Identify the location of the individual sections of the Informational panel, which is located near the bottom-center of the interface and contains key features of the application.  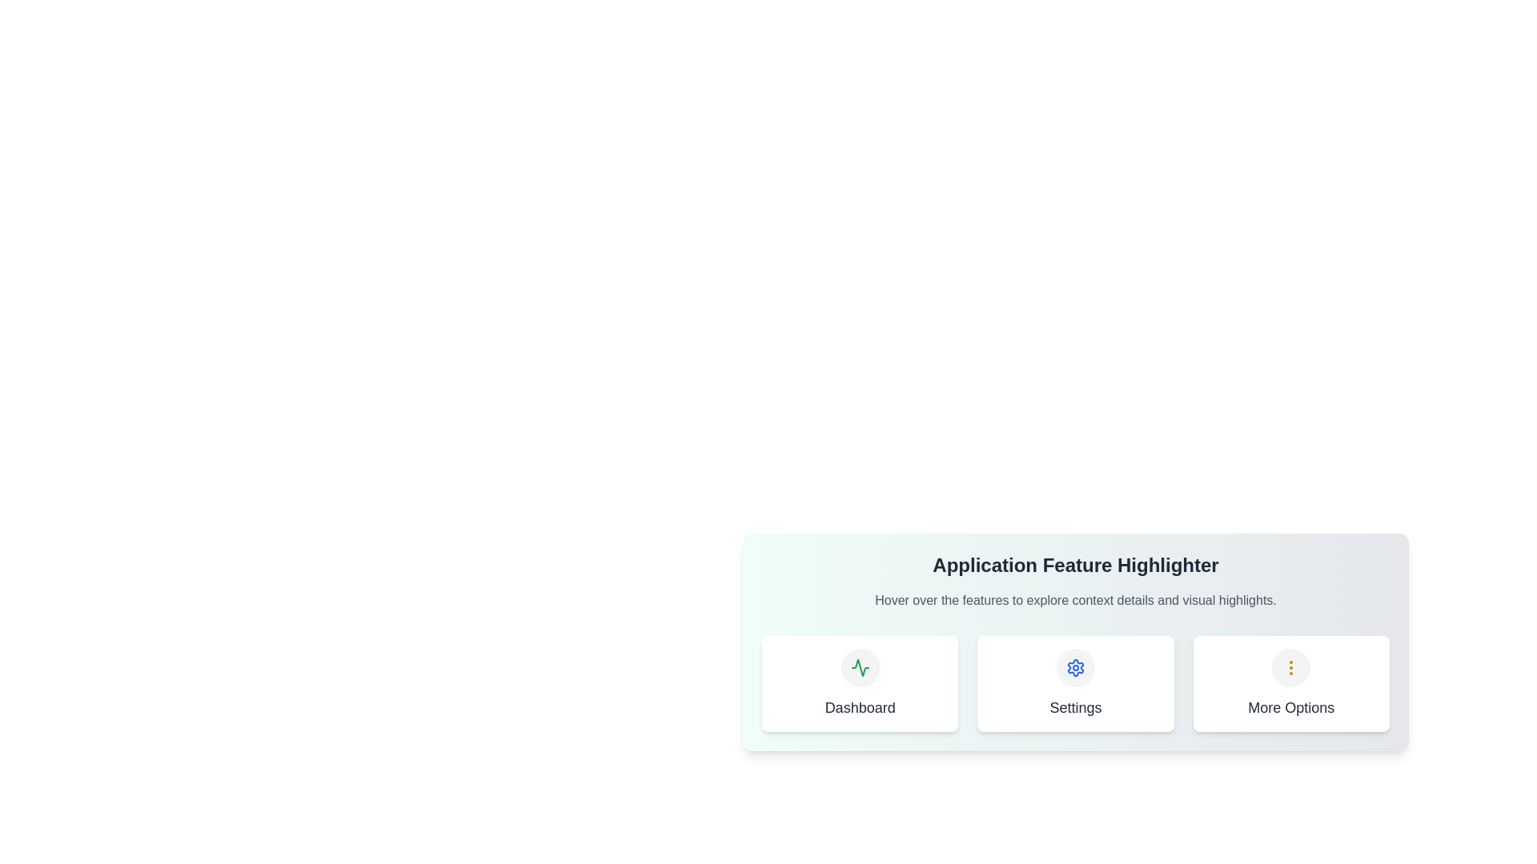
(1076, 664).